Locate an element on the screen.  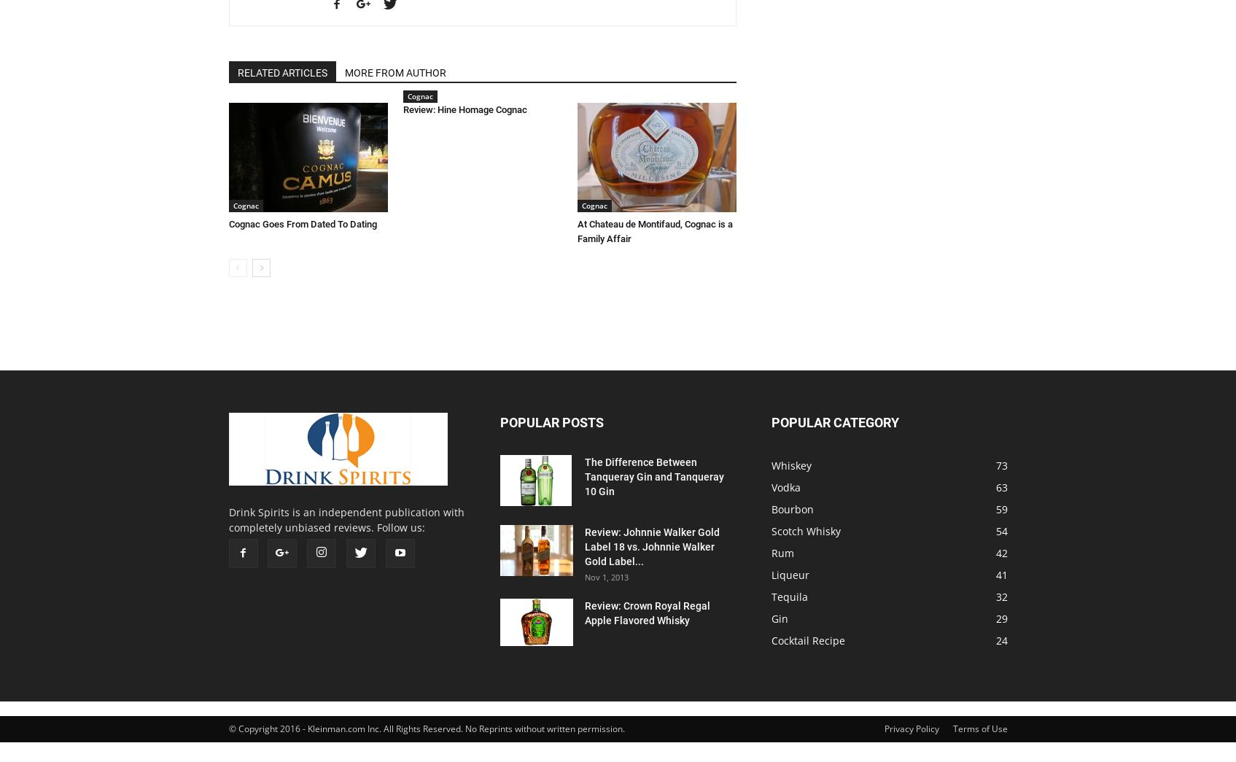
'32' is located at coordinates (1000, 596).